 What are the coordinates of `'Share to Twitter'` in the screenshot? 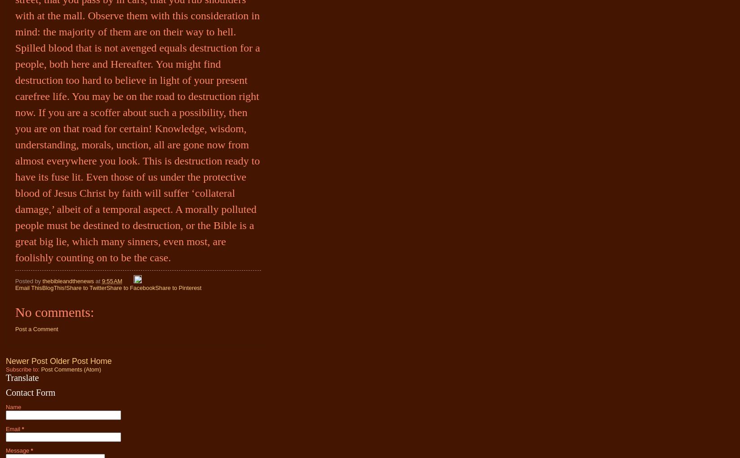 It's located at (66, 288).